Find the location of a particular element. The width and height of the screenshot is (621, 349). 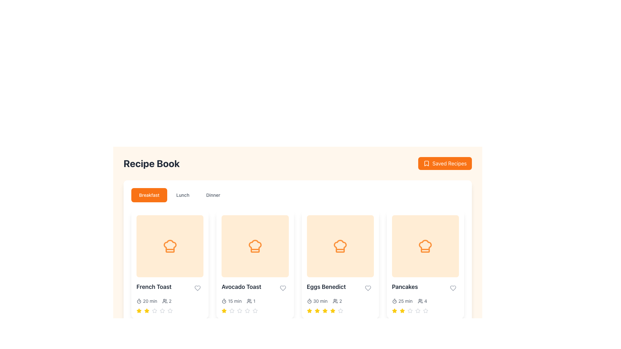

the icon indicating the number of people associated with the recipe 'French Toast', located to the left of the text '2' is located at coordinates (165, 301).